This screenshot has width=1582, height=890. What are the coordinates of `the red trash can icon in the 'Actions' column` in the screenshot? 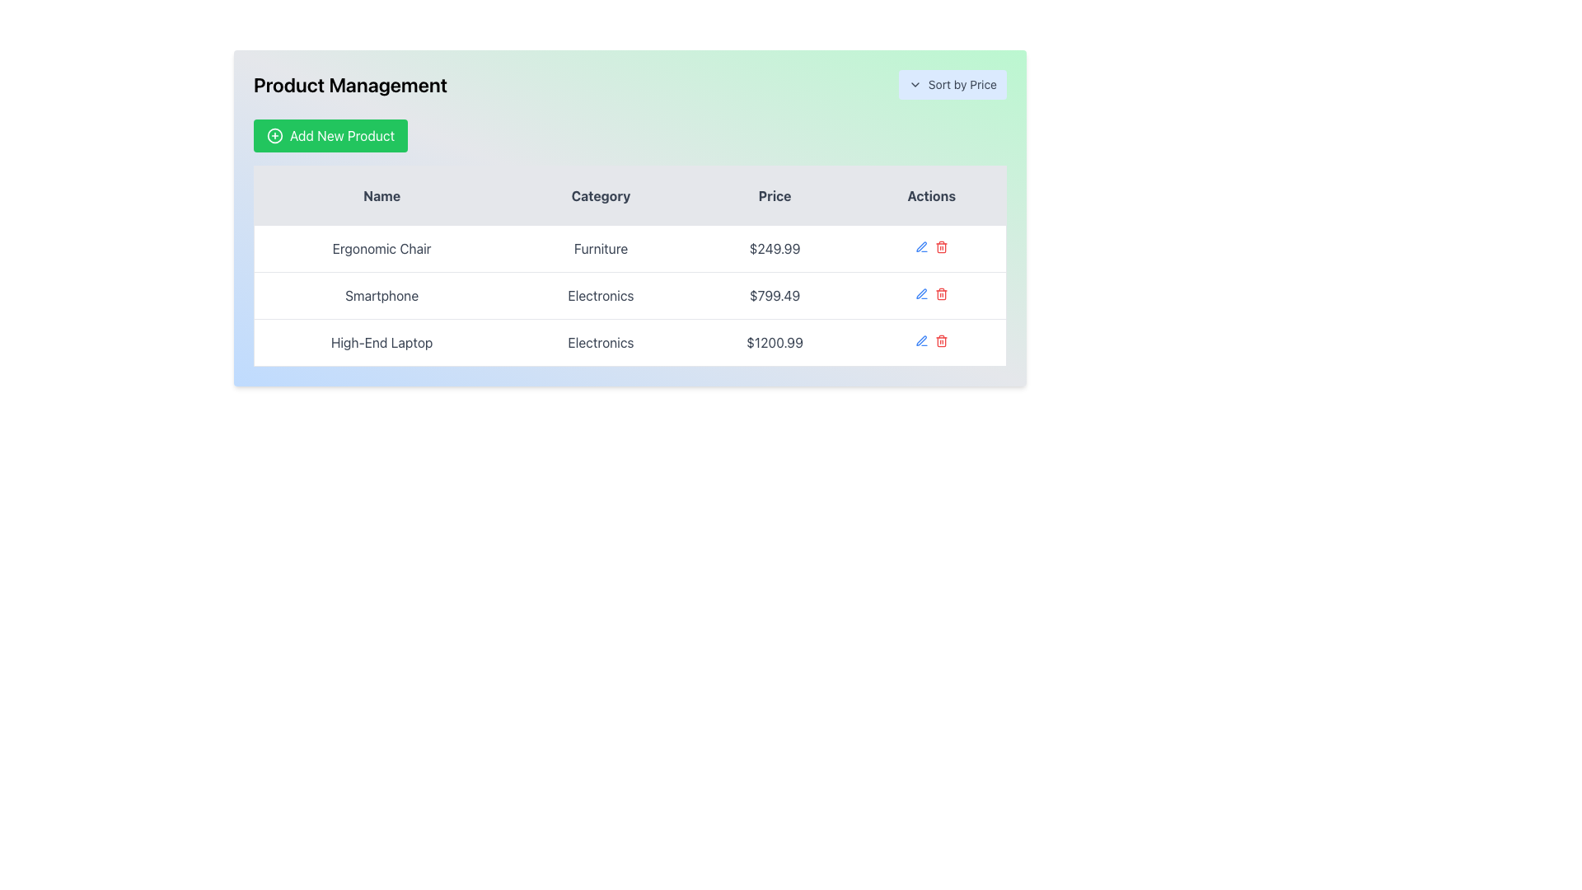 It's located at (941, 247).